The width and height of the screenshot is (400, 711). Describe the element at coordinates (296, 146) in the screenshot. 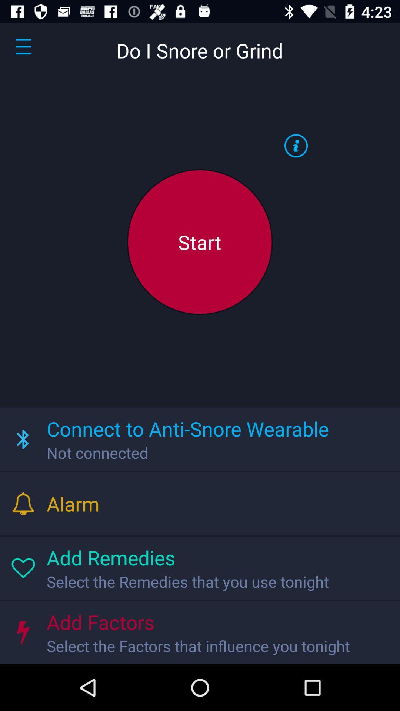

I see `the info icon` at that location.